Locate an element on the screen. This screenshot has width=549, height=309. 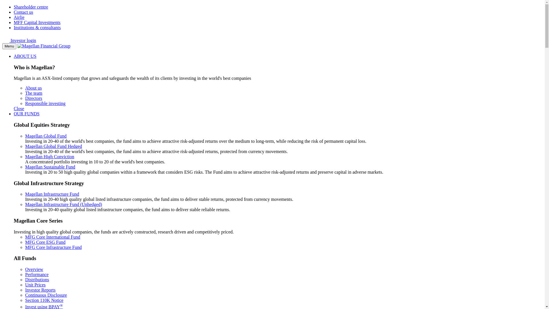
'Shareholder centre' is located at coordinates (30, 7).